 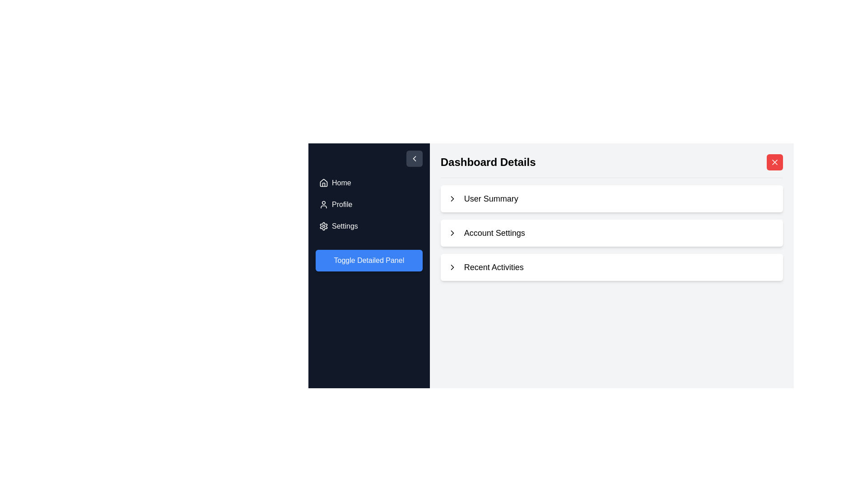 What do you see at coordinates (452, 198) in the screenshot?
I see `the right-pointing chevron icon located near the left side of the 'User Summary' card in the 'Dashboard Details' section` at bounding box center [452, 198].